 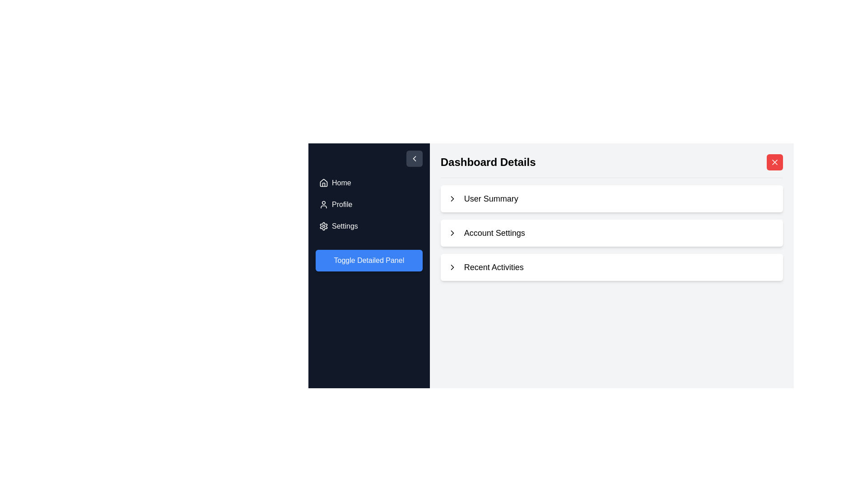 What do you see at coordinates (452, 198) in the screenshot?
I see `the right-pointing chevron icon located near the left side of the 'User Summary' card in the 'Dashboard Details' section` at bounding box center [452, 198].